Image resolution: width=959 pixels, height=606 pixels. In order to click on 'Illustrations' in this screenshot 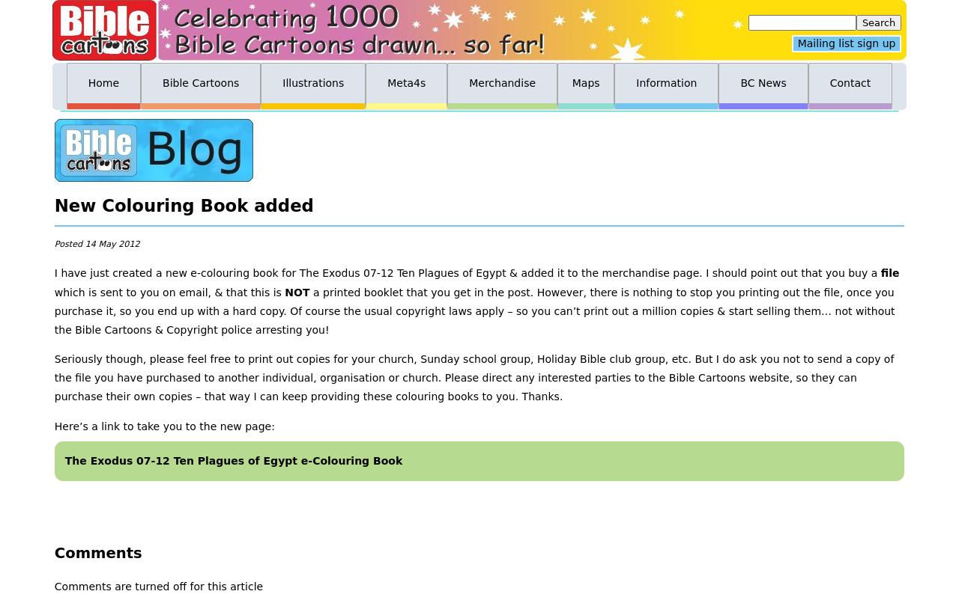, I will do `click(312, 82)`.